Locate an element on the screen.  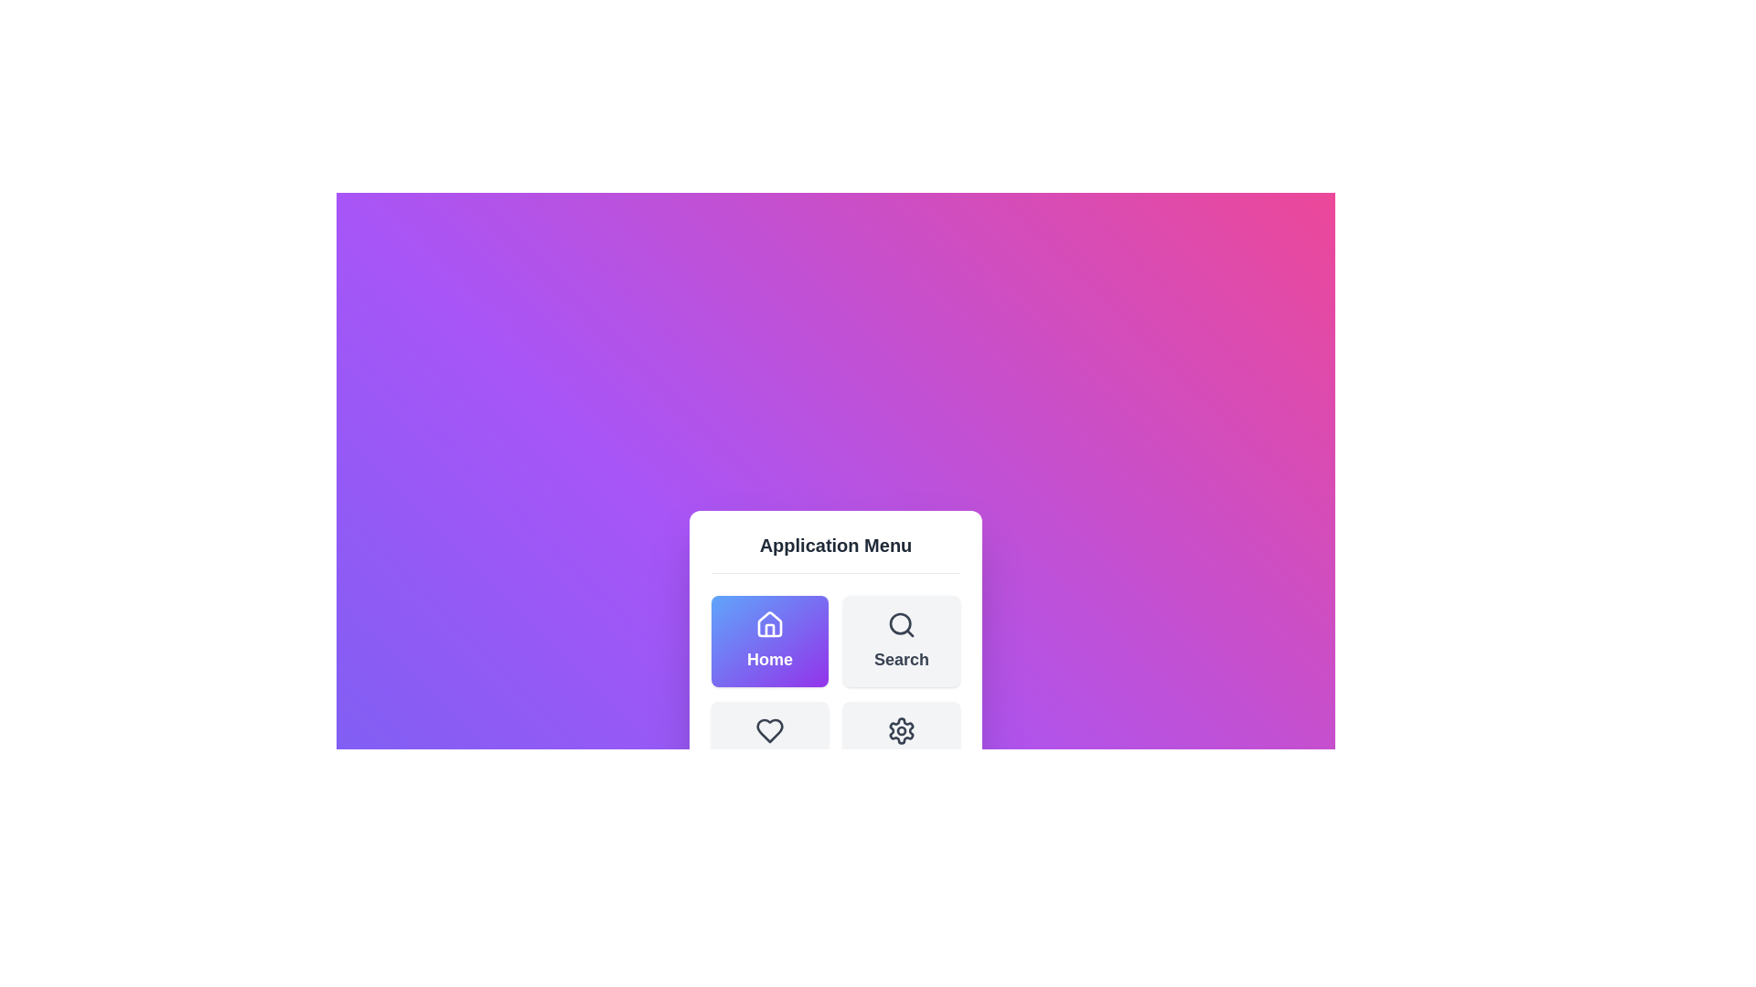
the menu item Favorites by clicking on its corresponding button is located at coordinates (769, 747).